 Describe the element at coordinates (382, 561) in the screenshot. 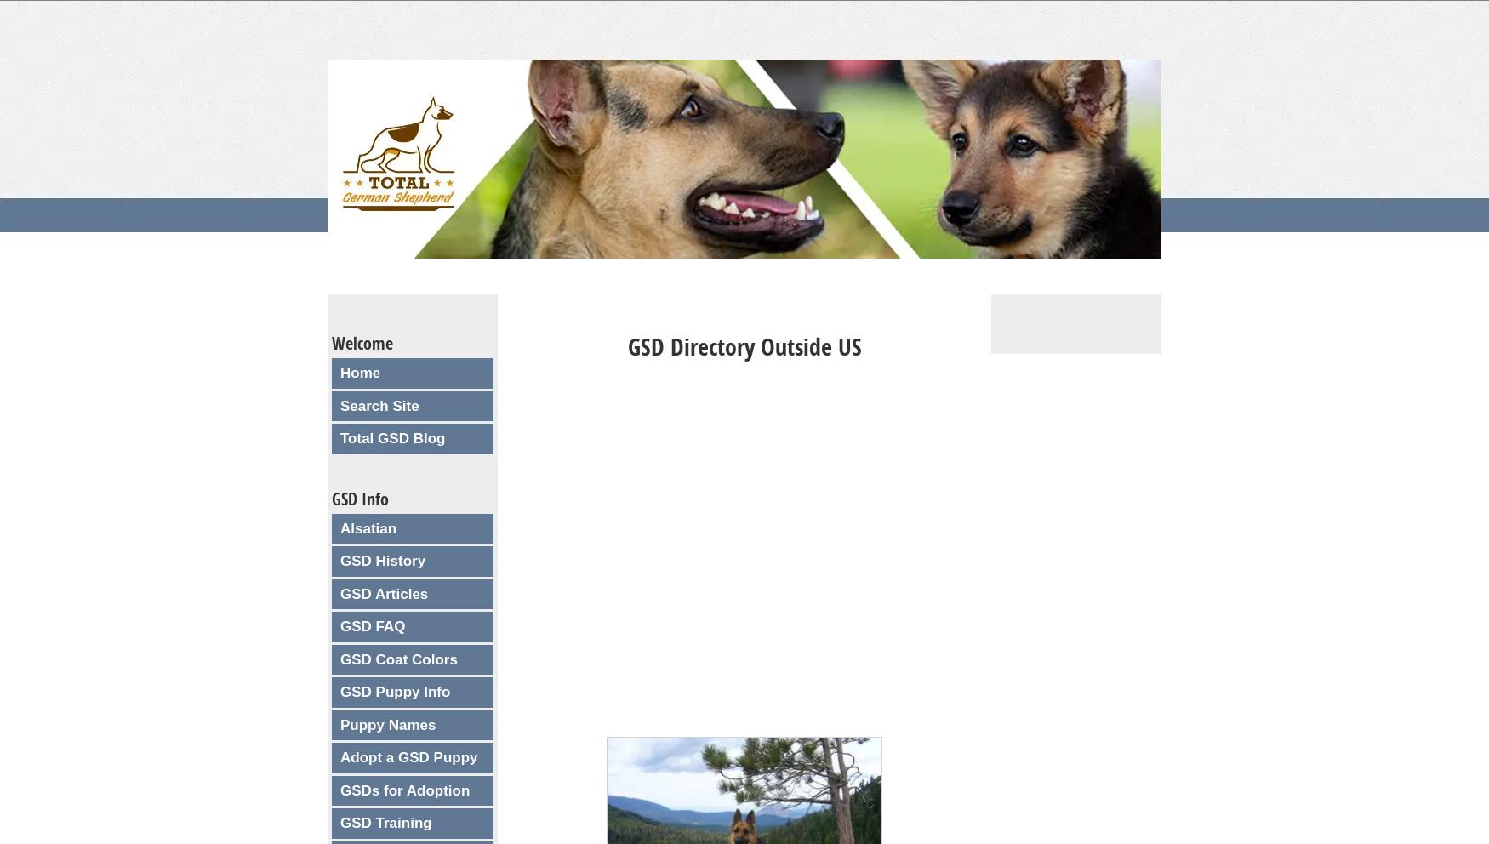

I see `'GSD History'` at that location.